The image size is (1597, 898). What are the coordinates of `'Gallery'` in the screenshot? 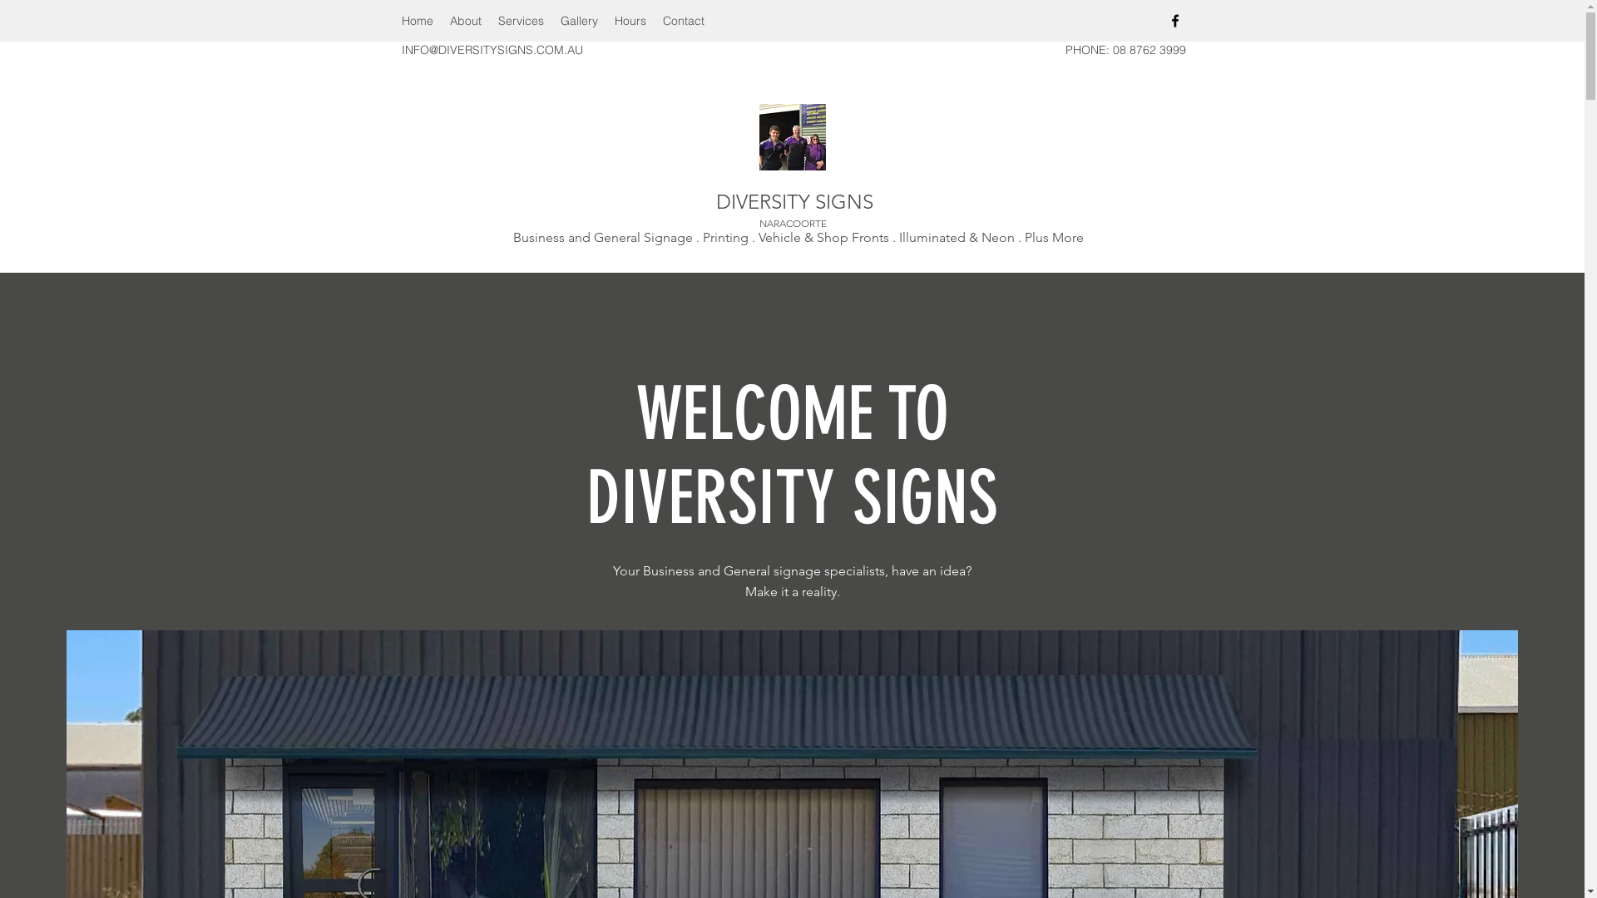 It's located at (551, 20).